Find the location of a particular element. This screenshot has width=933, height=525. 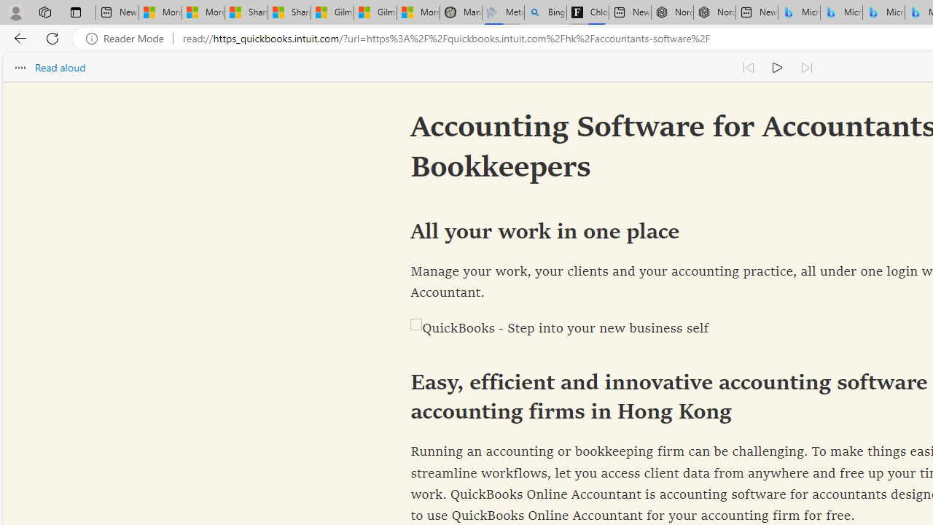

'Bing Real Estate - Home sales and rental listings' is located at coordinates (544, 12).